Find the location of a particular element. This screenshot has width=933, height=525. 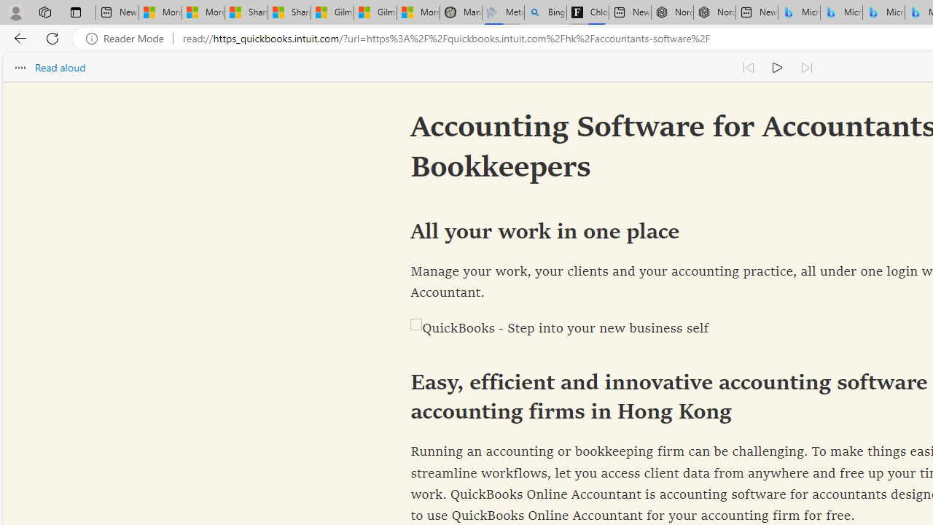

'Bing Real Estate - Home sales and rental listings' is located at coordinates (544, 12).